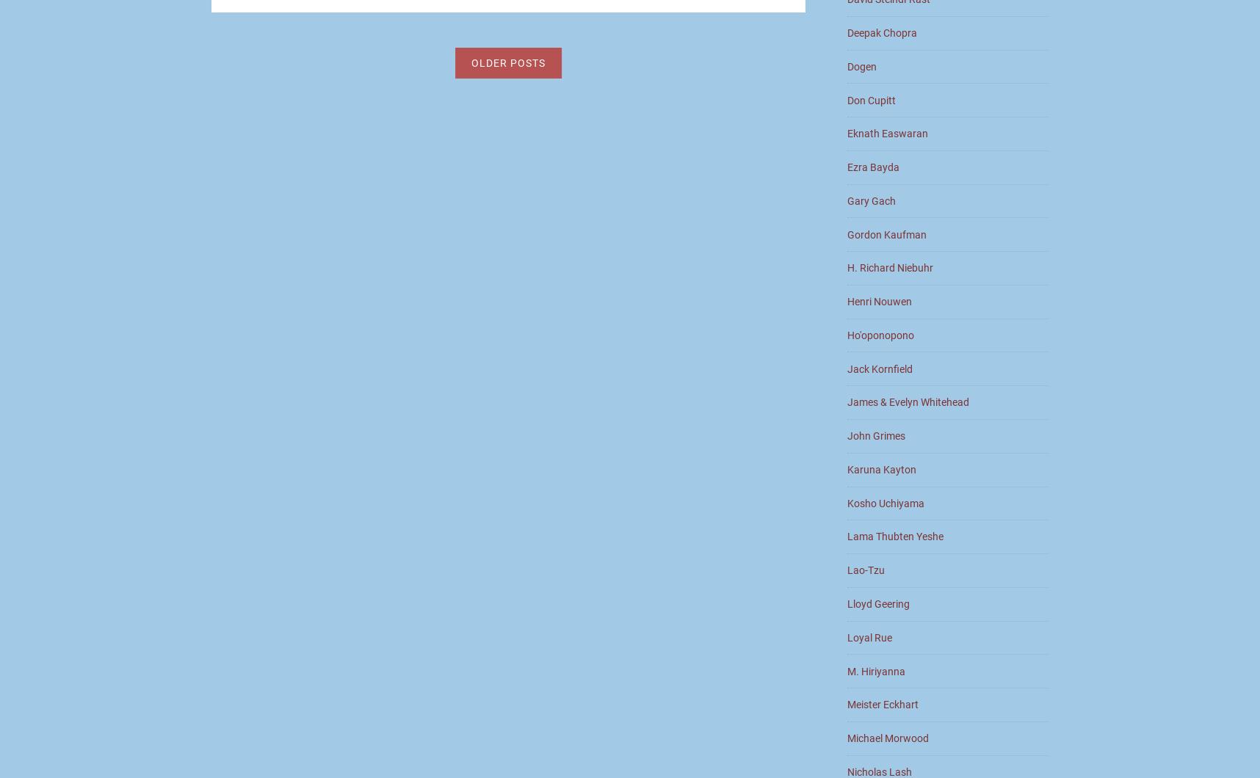 The width and height of the screenshot is (1260, 778). I want to click on 'Eknath Easwaran', so click(887, 133).